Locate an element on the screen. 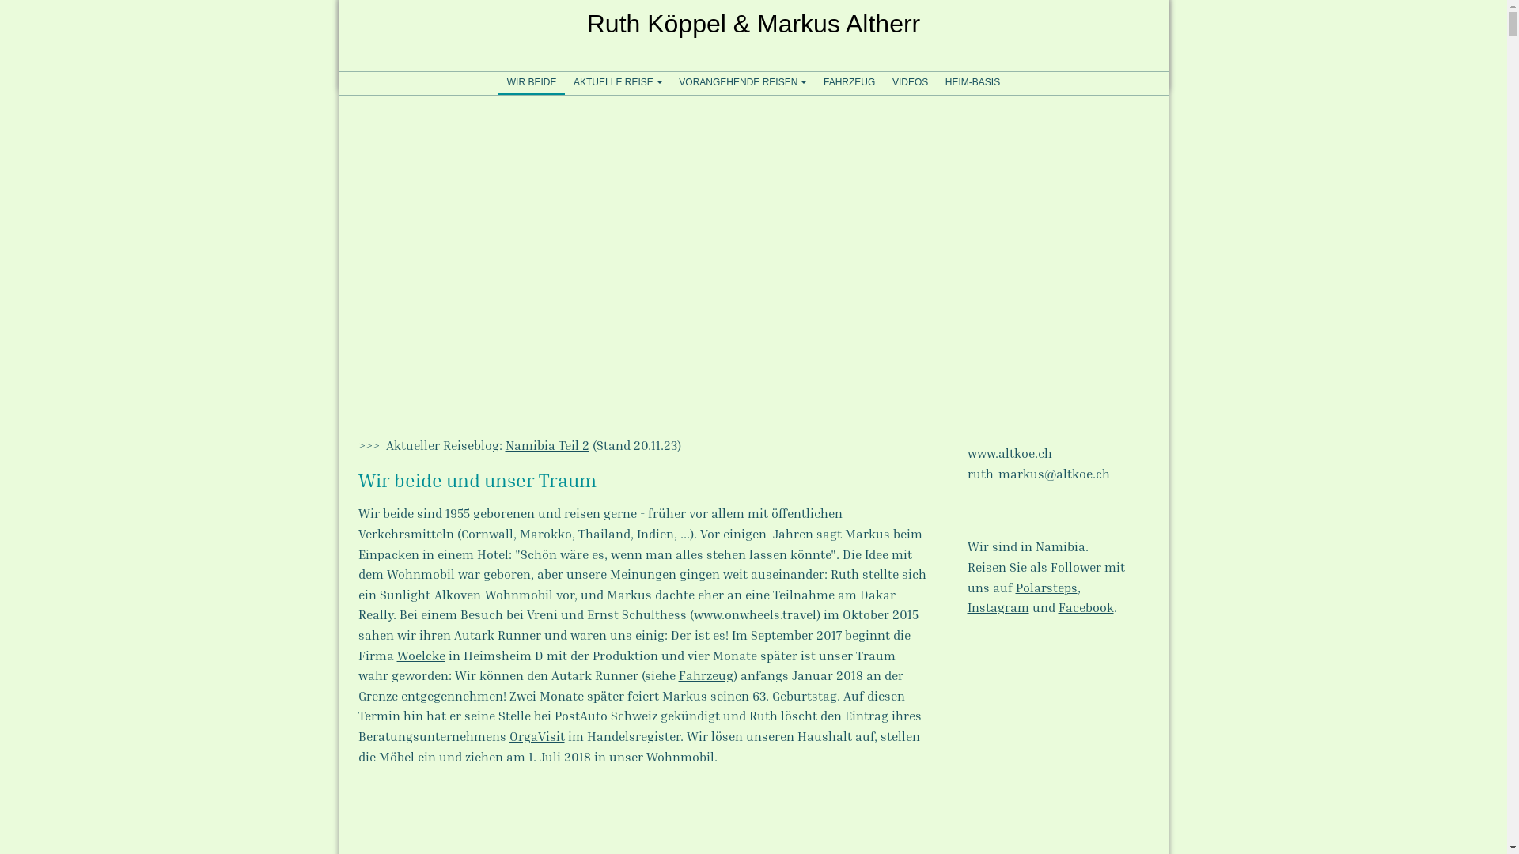 The image size is (1519, 854). 'OrgaVisit' is located at coordinates (536, 735).